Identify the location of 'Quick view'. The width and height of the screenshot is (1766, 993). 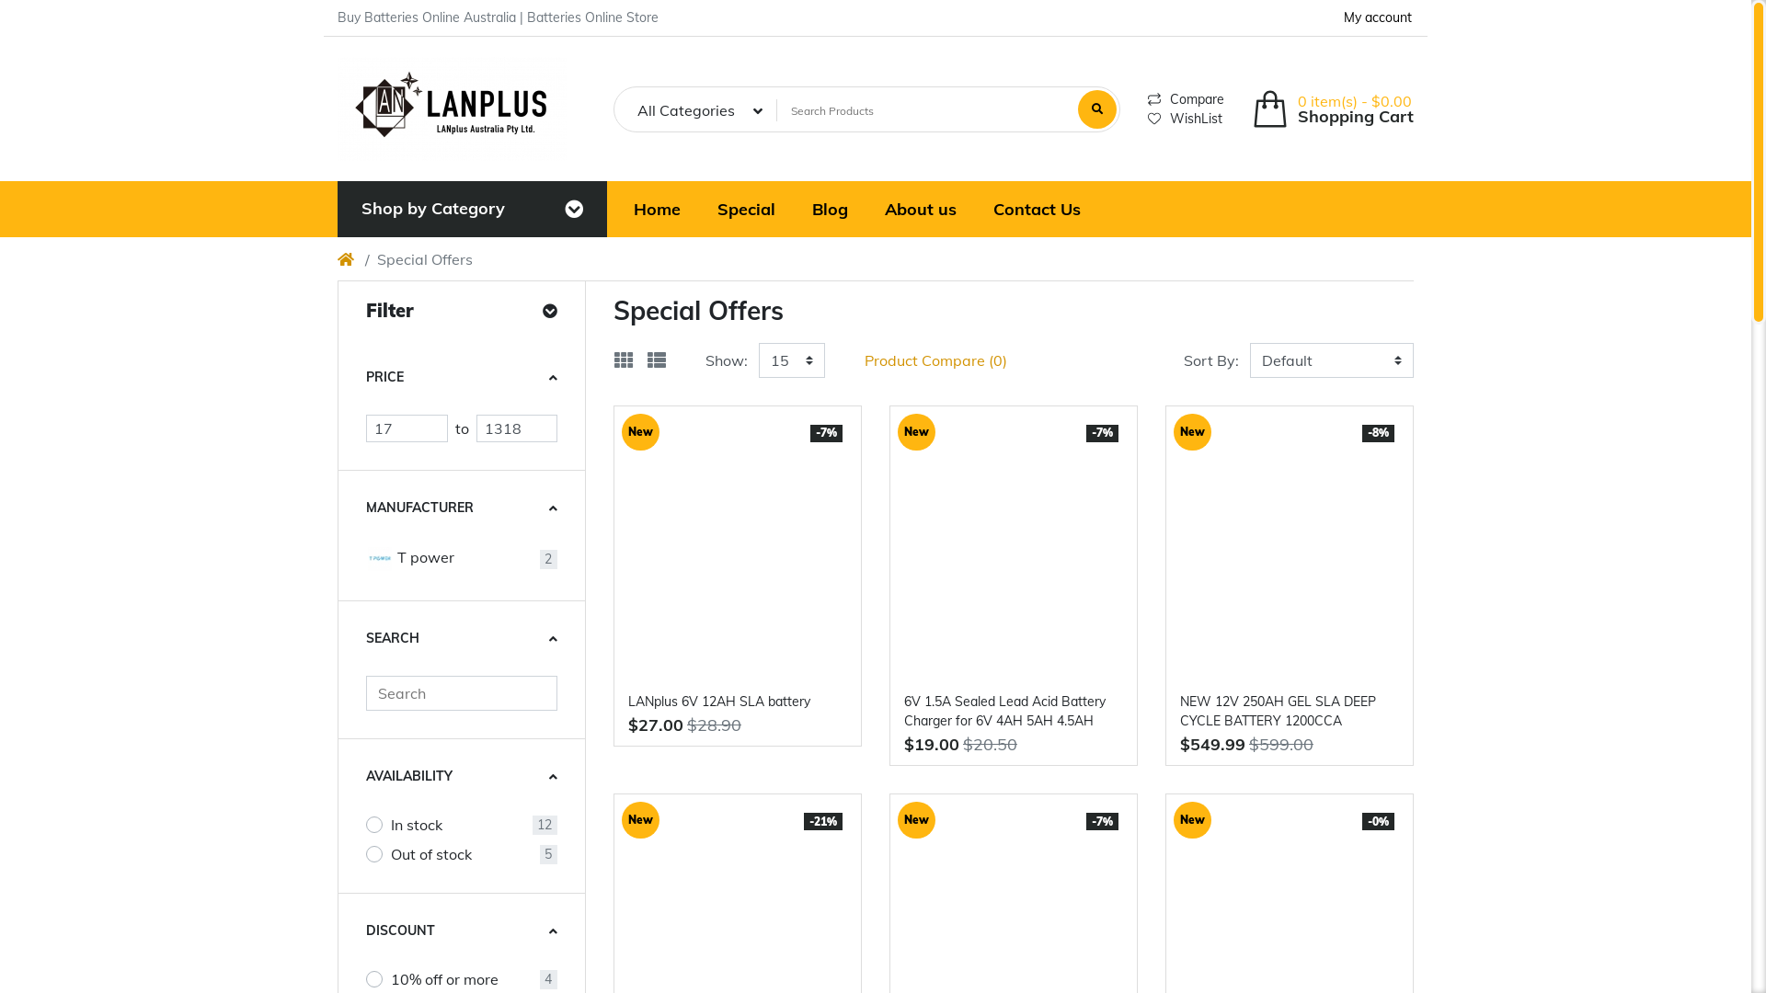
(1288, 388).